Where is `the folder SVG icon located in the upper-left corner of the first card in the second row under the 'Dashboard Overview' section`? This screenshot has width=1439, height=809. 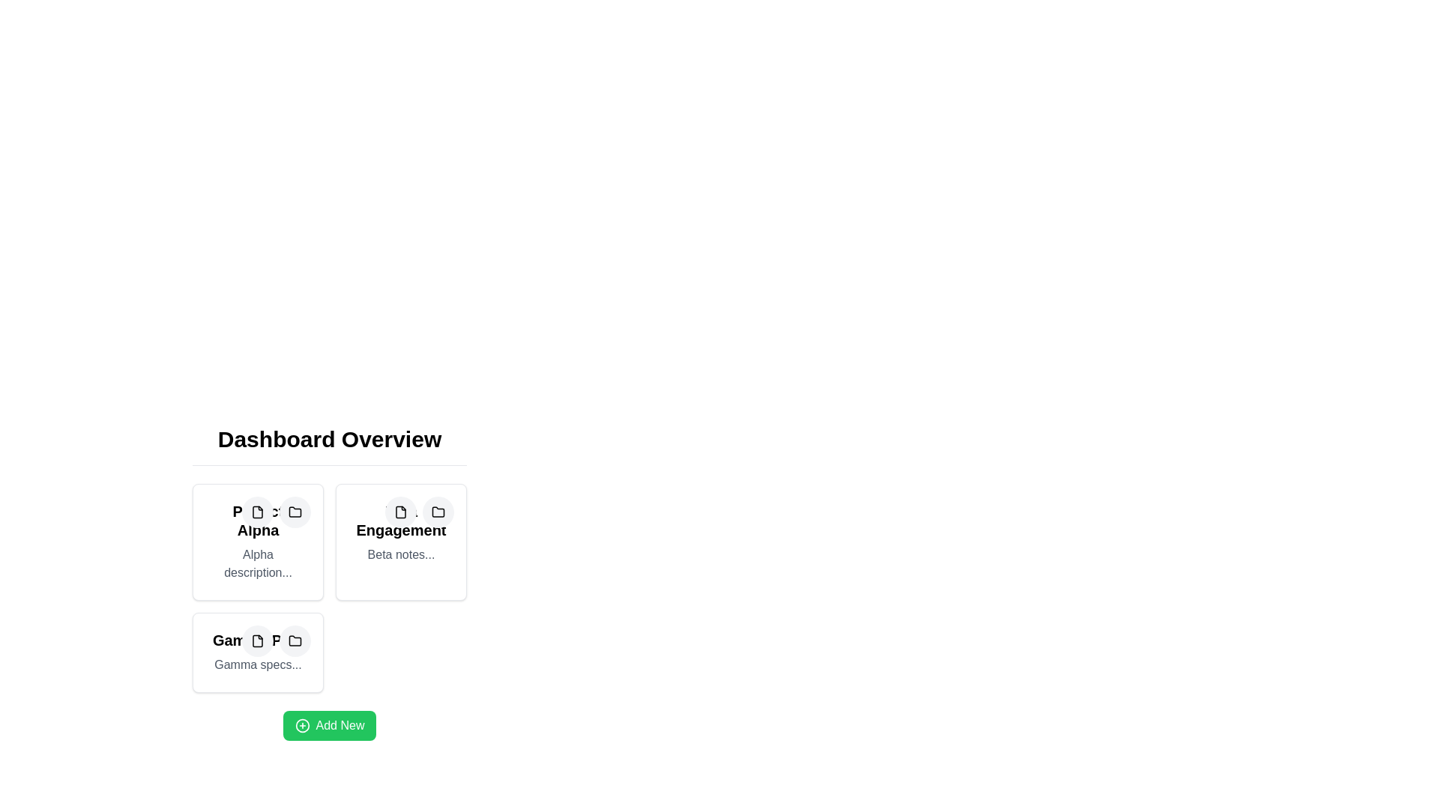
the folder SVG icon located in the upper-left corner of the first card in the second row under the 'Dashboard Overview' section is located at coordinates (295, 511).